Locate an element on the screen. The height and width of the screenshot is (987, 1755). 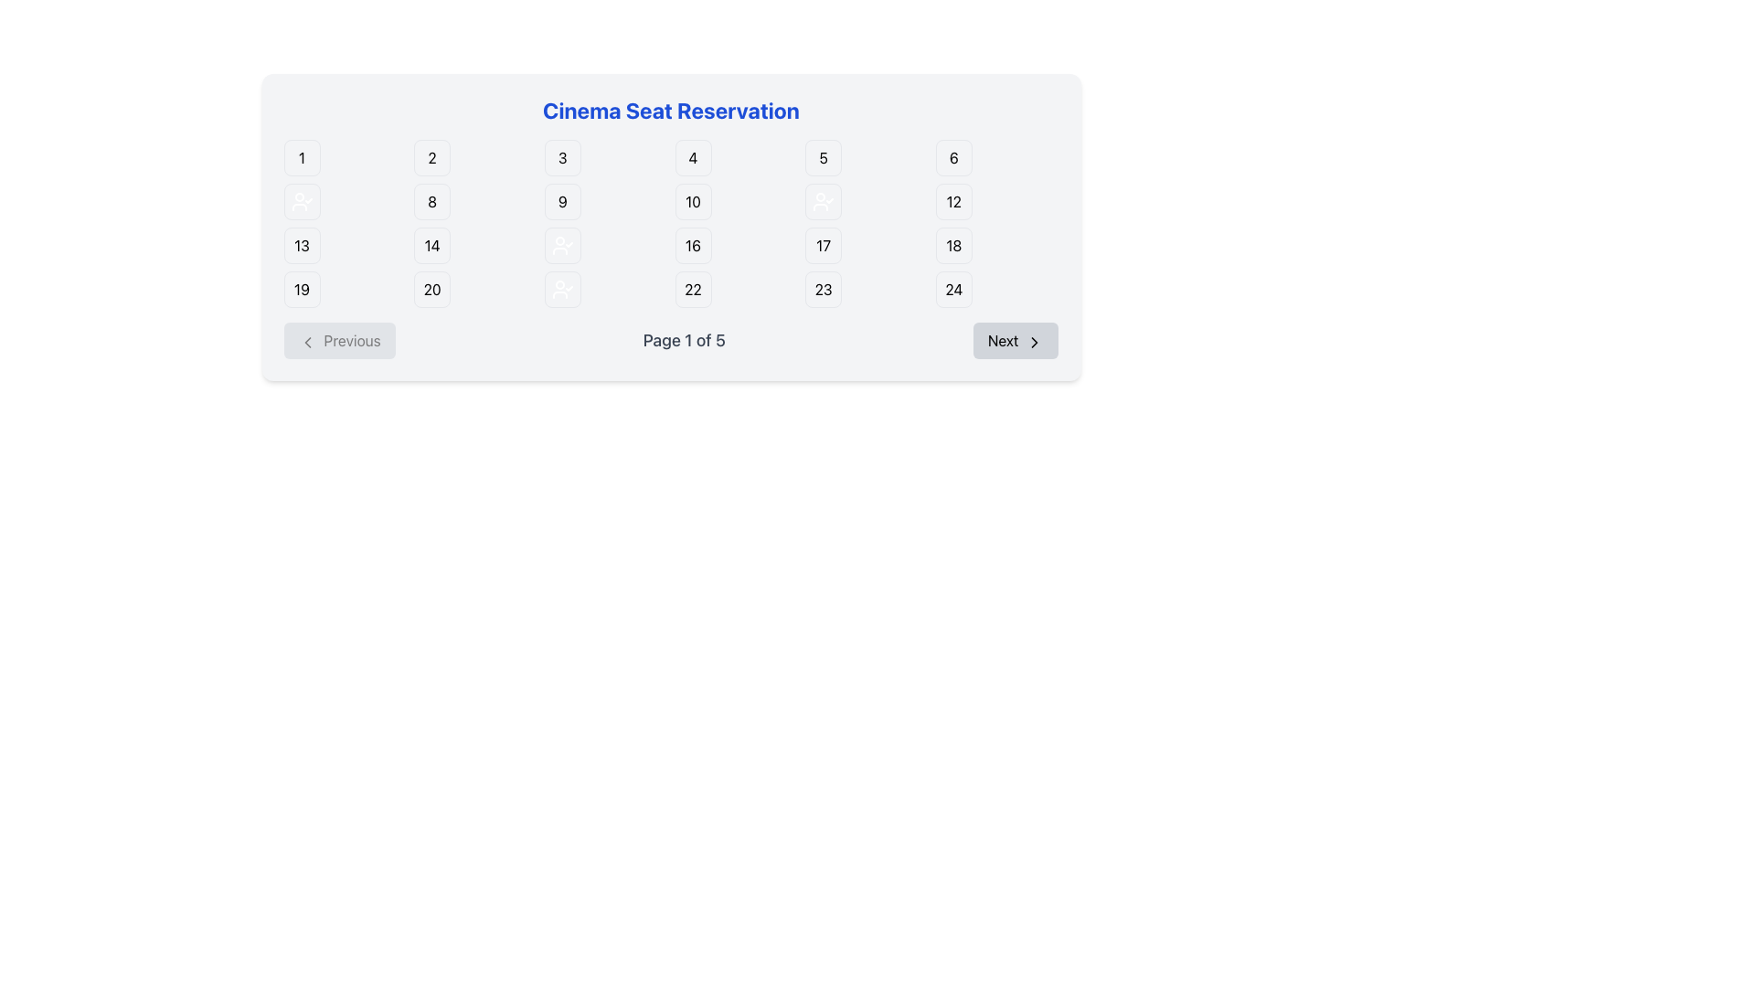
the navigation icon within the 'Next' button located at the bottom-right corner of the interface is located at coordinates (1035, 342).